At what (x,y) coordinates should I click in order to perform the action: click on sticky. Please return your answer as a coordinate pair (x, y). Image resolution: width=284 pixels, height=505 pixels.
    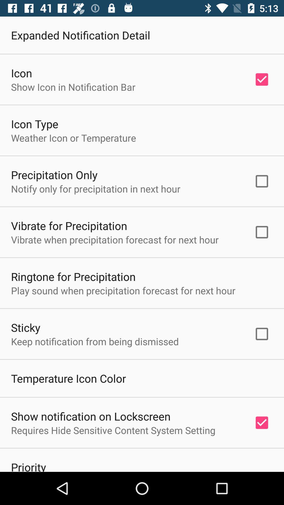
    Looking at the image, I should click on (26, 327).